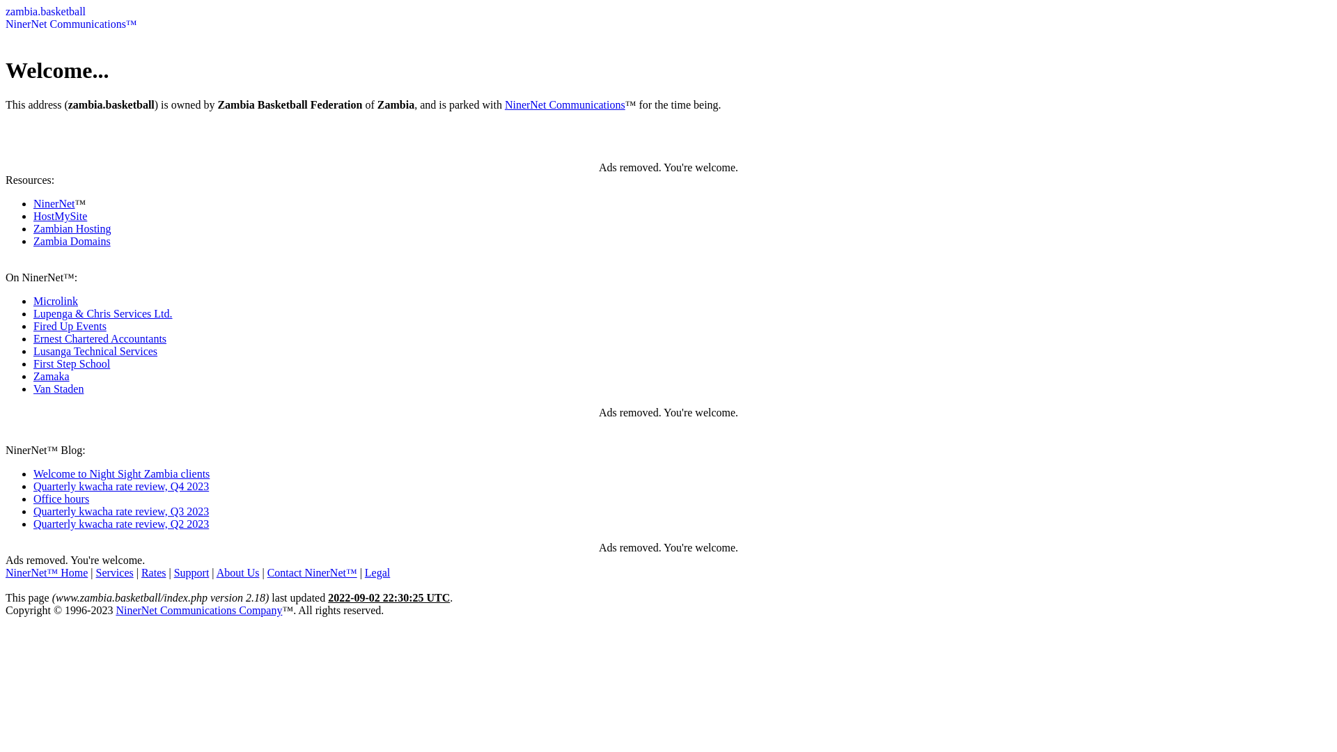 Image resolution: width=1337 pixels, height=752 pixels. What do you see at coordinates (51, 376) in the screenshot?
I see `'Zamaka'` at bounding box center [51, 376].